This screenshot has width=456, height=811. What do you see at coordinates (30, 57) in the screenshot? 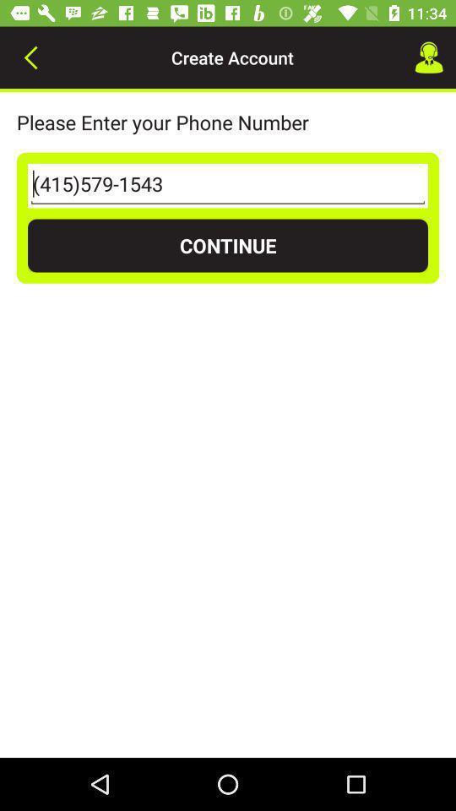
I see `icon to the left of create account icon` at bounding box center [30, 57].